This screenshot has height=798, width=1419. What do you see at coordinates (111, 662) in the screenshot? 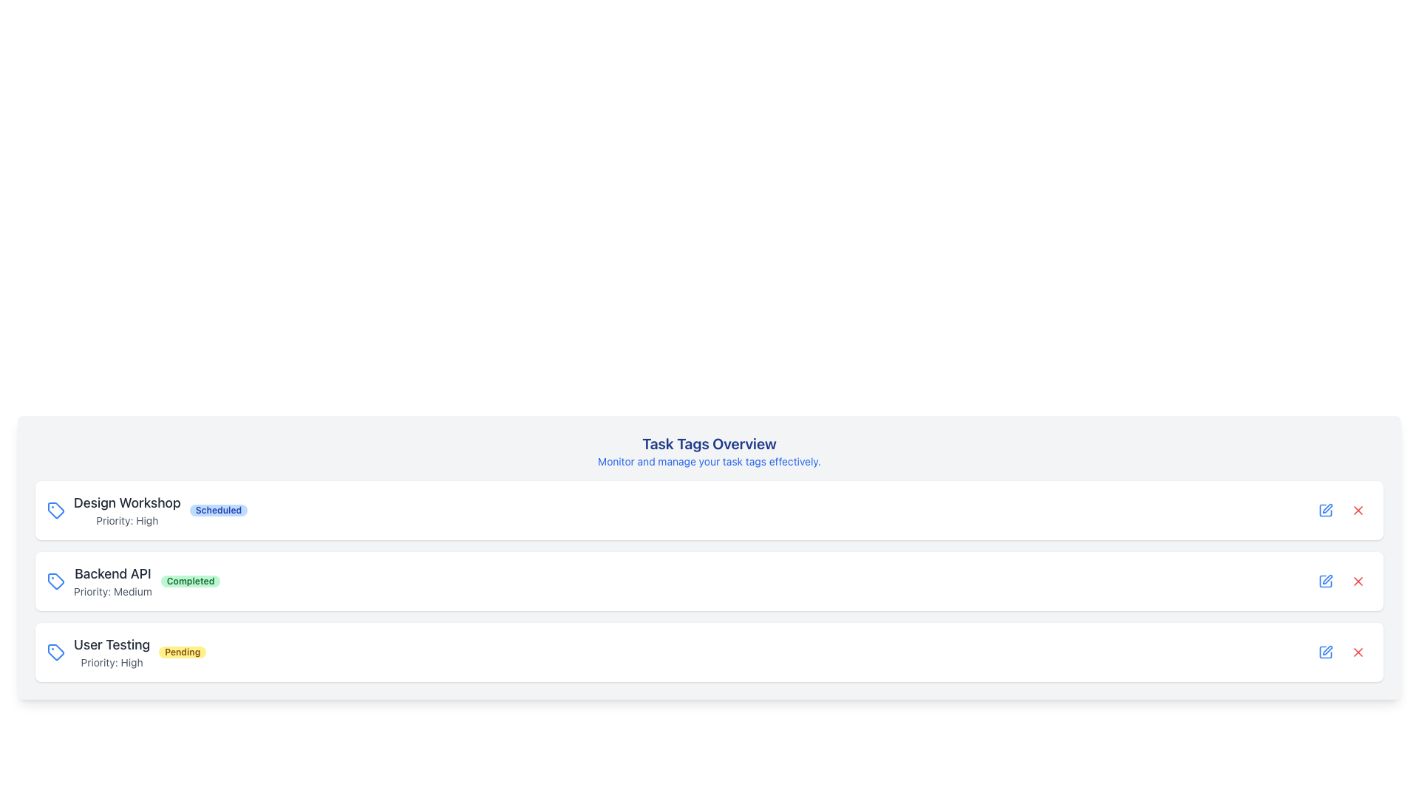
I see `the text label displaying 'Priority: High', which is located below the 'User Testing' label in the lower-left section of its containing card` at bounding box center [111, 662].